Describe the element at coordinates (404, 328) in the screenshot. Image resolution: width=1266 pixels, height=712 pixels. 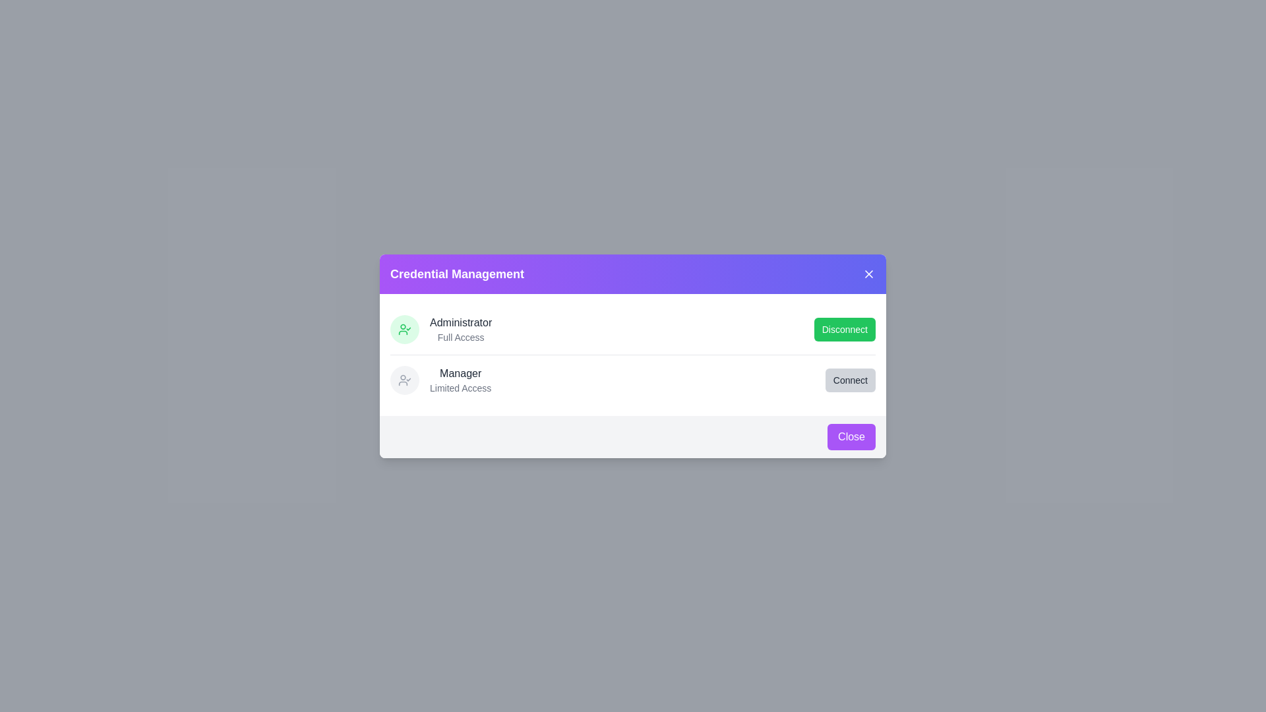
I see `the 'Verified Administrator' icon located in the 'Credential Management' modal dialog, positioned to the left of the 'Full Access' text` at that location.